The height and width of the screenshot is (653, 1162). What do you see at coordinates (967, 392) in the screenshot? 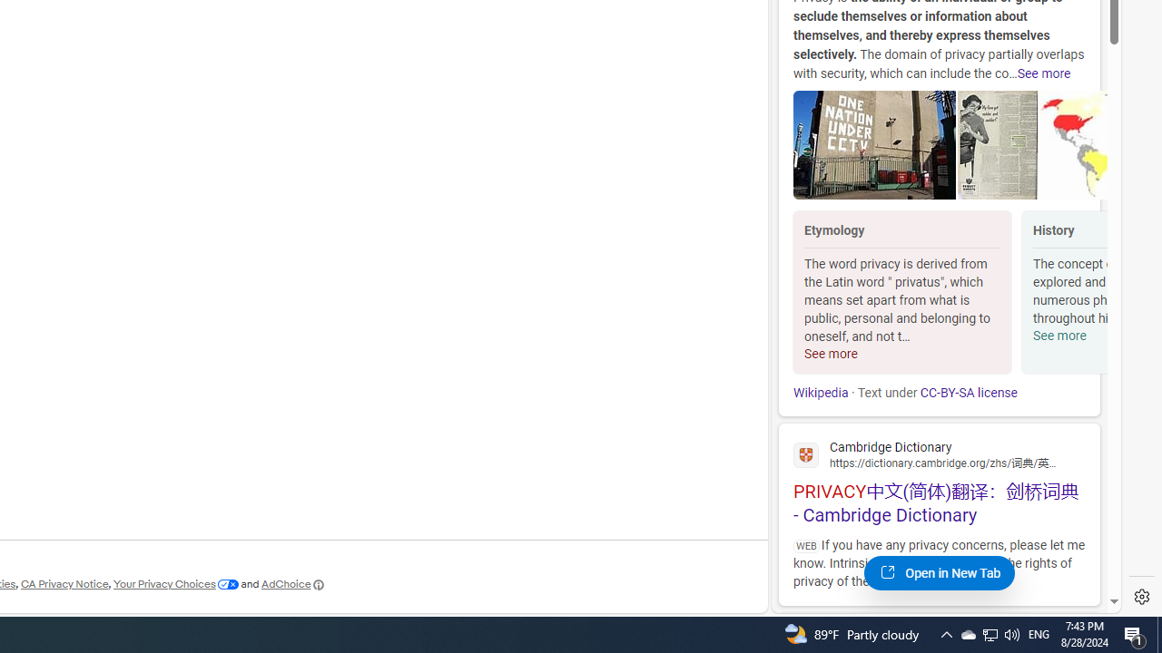
I see `'CC-BY-SA license'` at bounding box center [967, 392].